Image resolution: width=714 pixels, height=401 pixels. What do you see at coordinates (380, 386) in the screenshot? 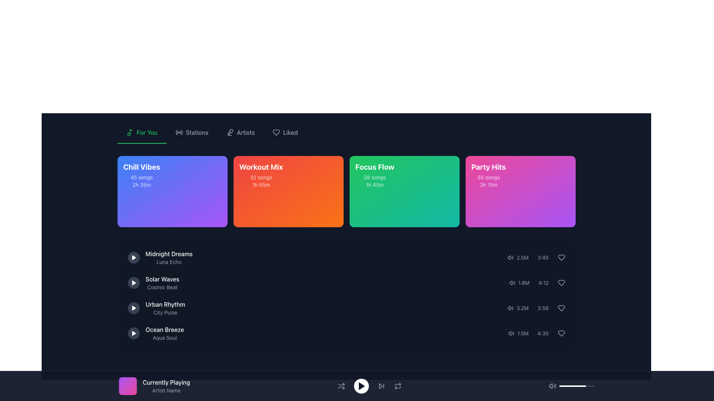
I see `the 'skip forward' button in the media player interface, which is an SVG-based icon located between the play button and a circular arrow button` at bounding box center [380, 386].